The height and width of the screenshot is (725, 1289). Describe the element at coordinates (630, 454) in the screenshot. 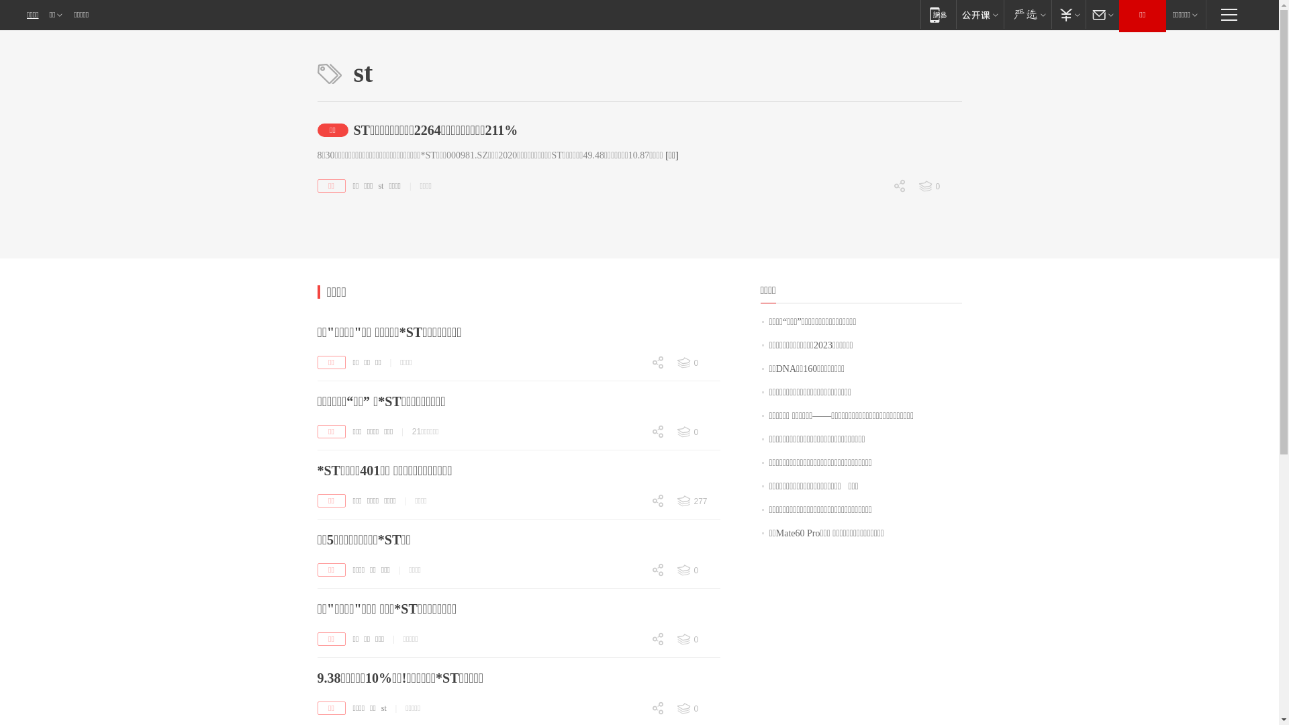

I see `'0'` at that location.